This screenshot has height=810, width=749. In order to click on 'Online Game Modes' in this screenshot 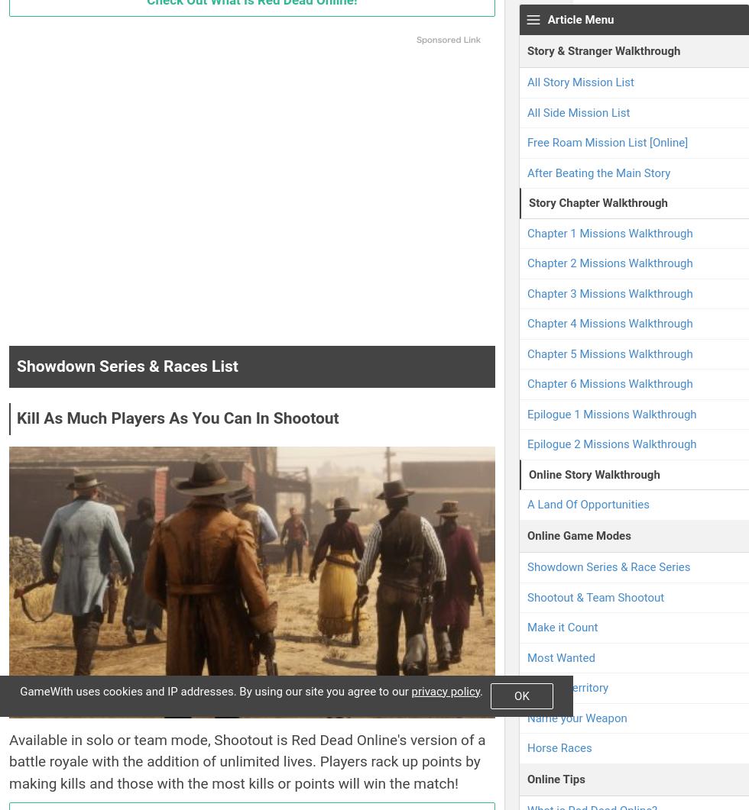, I will do `click(579, 534)`.